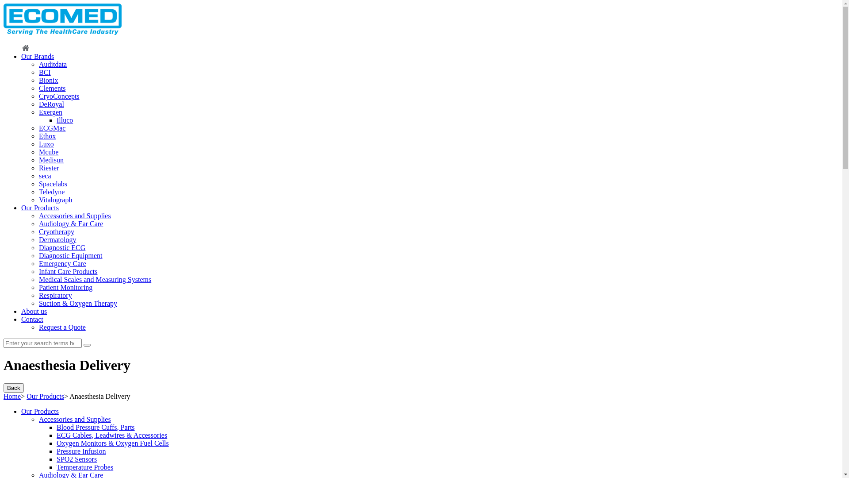 This screenshot has width=849, height=478. What do you see at coordinates (56, 231) in the screenshot?
I see `'Cryotherapy'` at bounding box center [56, 231].